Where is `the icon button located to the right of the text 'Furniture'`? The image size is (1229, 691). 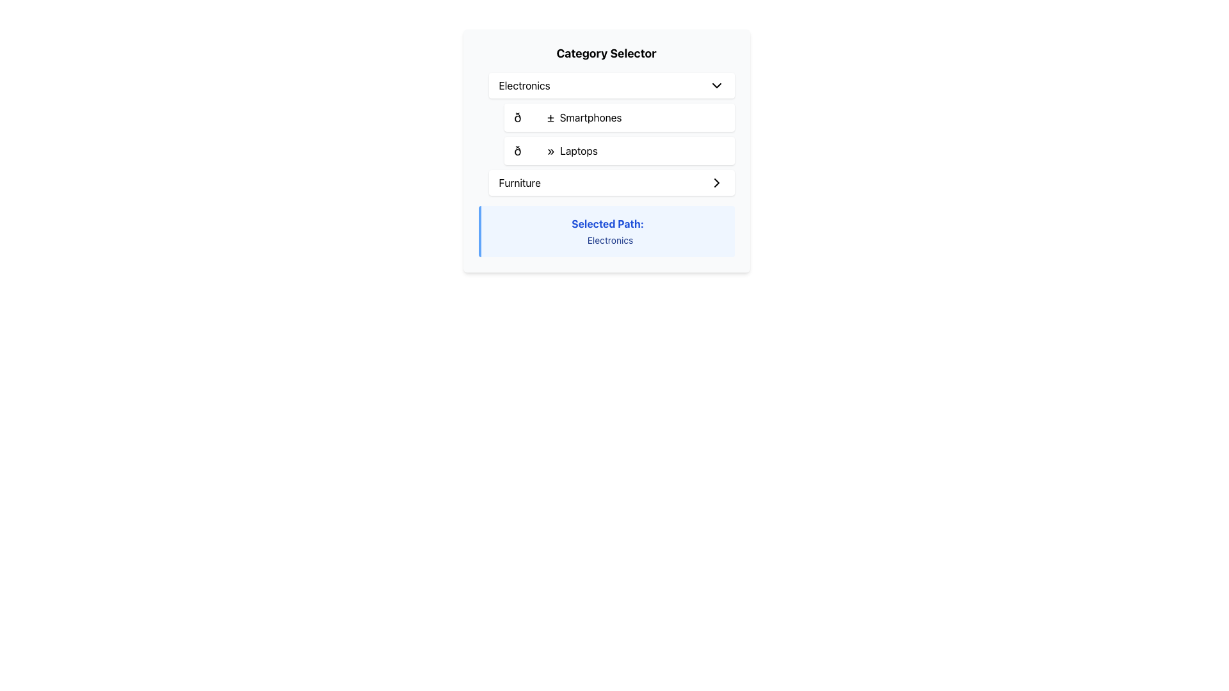 the icon button located to the right of the text 'Furniture' is located at coordinates (716, 182).